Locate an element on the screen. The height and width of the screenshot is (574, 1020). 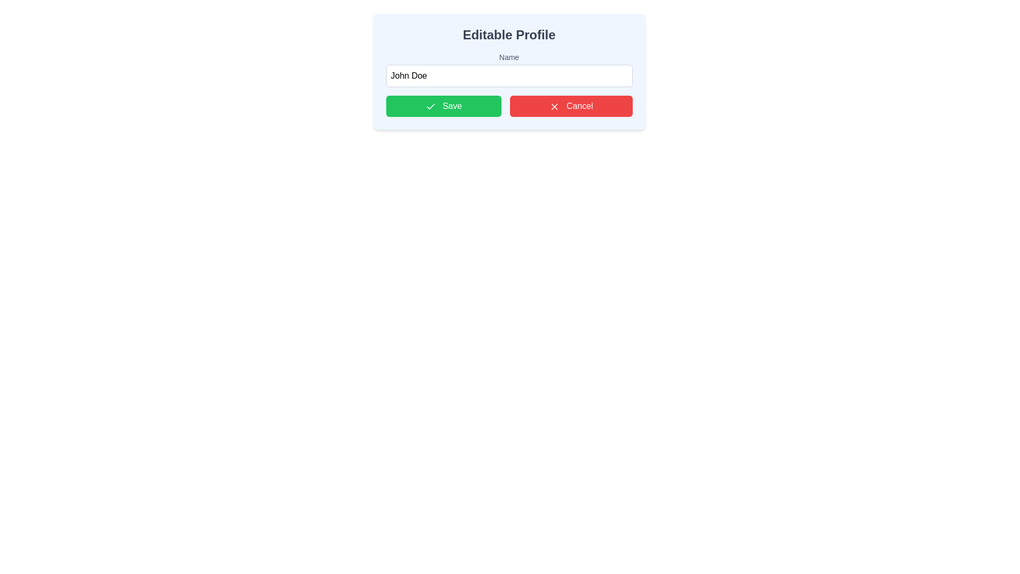
the Text Label that serves as a title for the profile editing interface, positioned at the top-center of the card-like layout is located at coordinates (508, 34).